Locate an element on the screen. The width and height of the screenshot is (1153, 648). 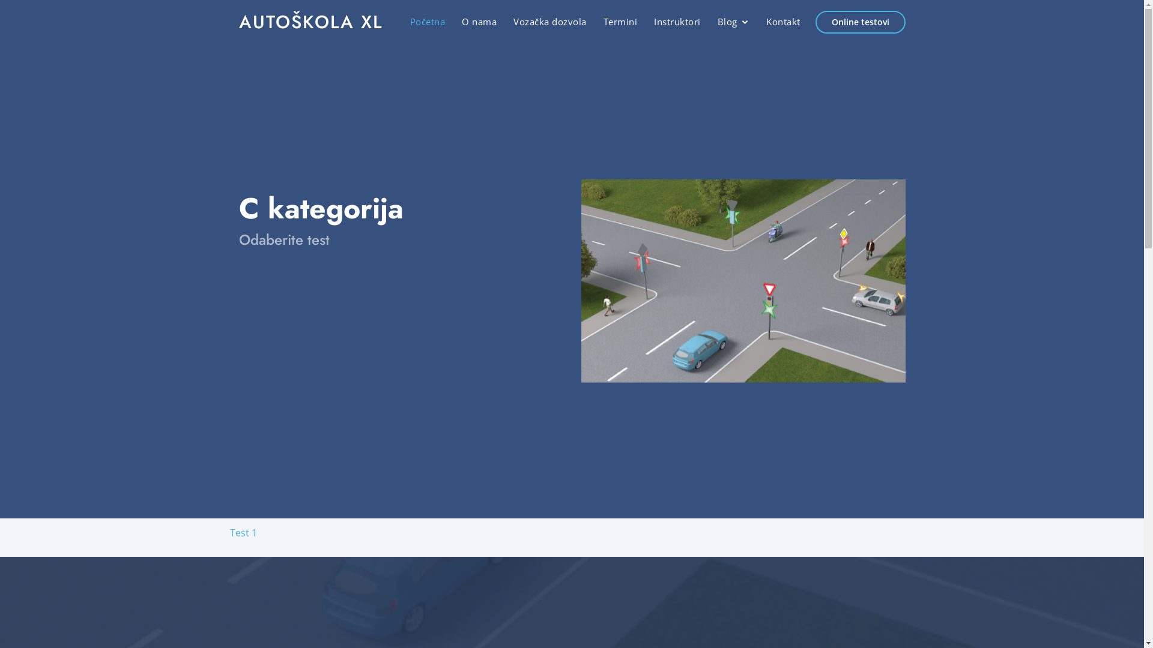
'Termini' is located at coordinates (602, 22).